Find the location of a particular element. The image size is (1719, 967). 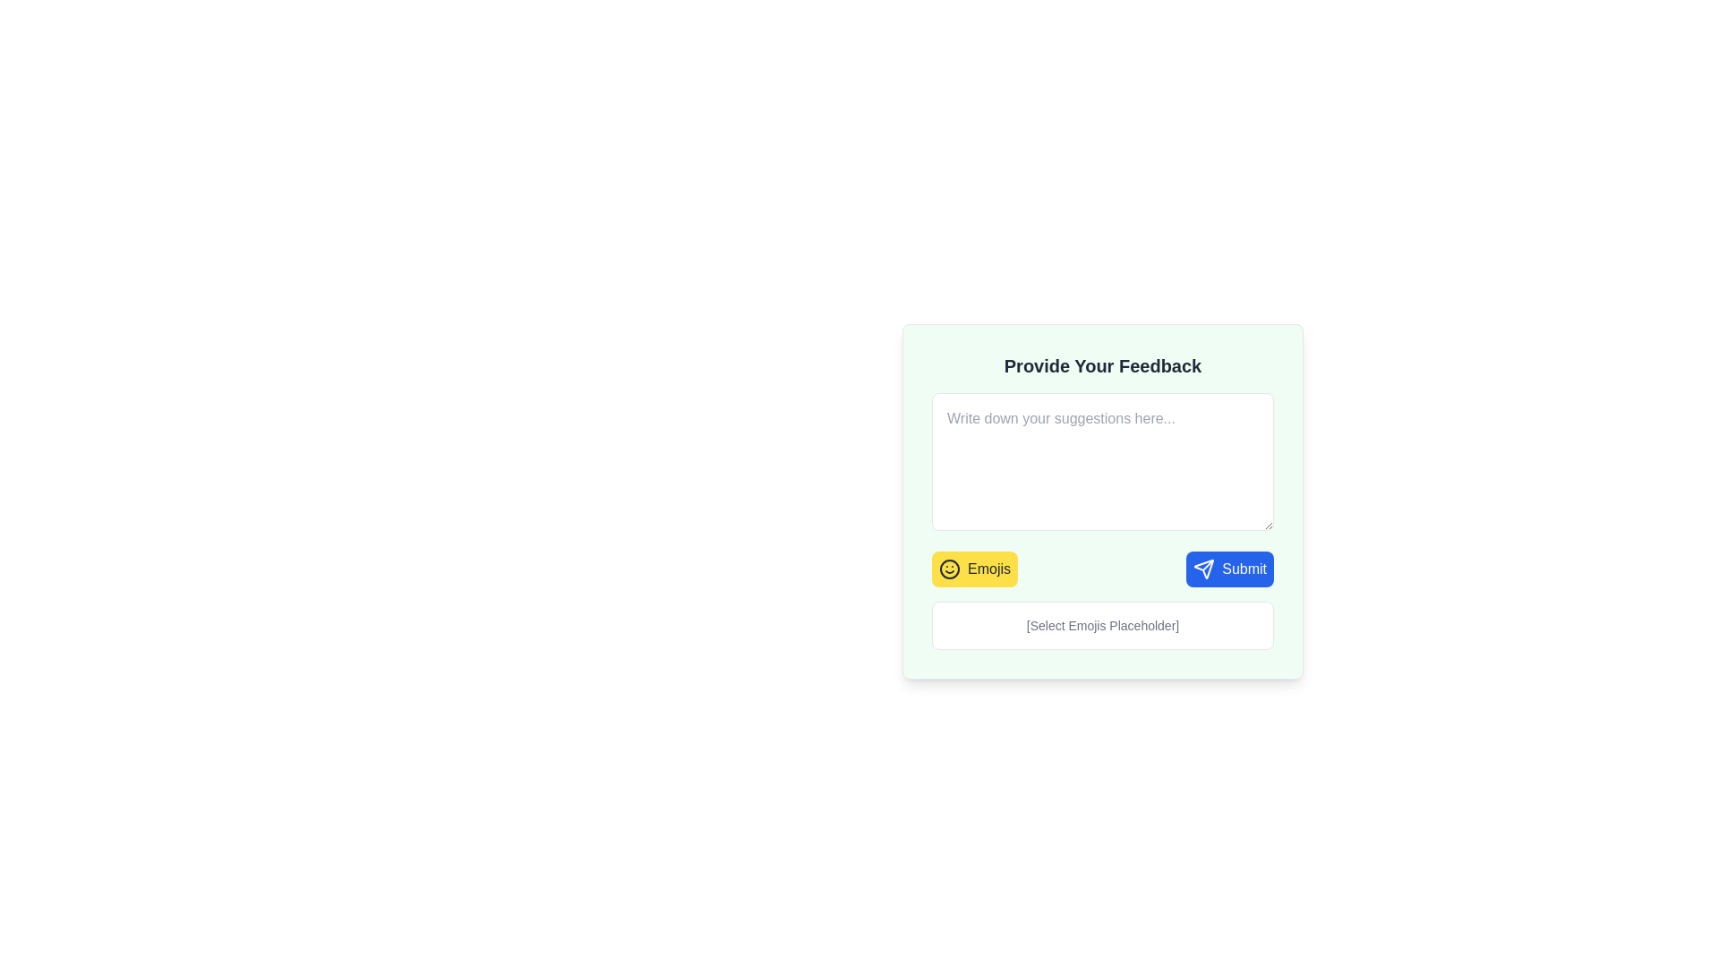

the small, triangular-shaped icon resembling a paper plane located to the left of the 'Submit' button's text label is located at coordinates (1204, 569).